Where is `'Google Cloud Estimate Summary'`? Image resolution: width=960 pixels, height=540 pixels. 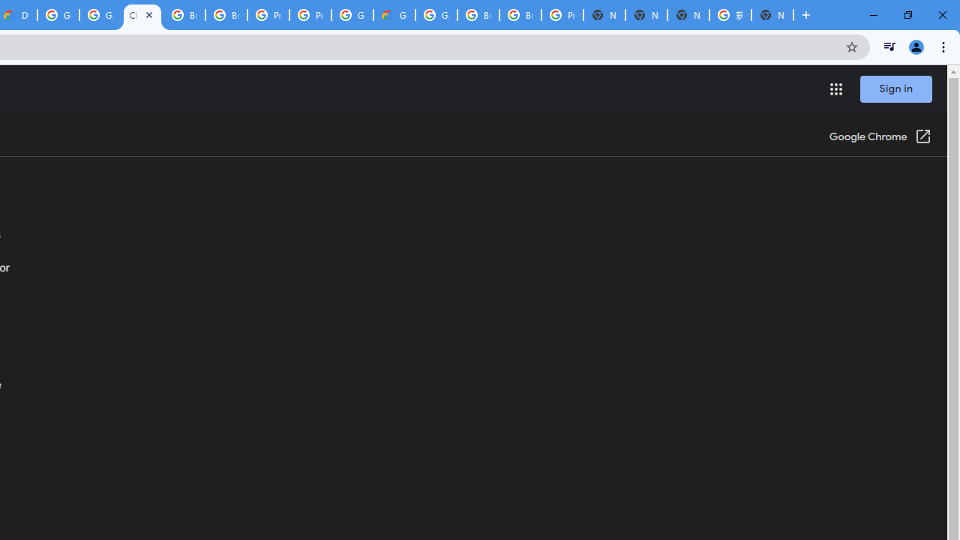 'Google Cloud Estimate Summary' is located at coordinates (394, 15).